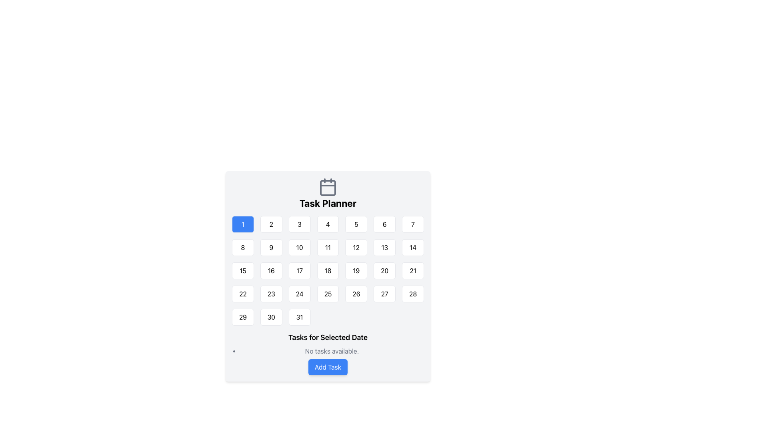  What do you see at coordinates (356, 270) in the screenshot?
I see `the calendar date button located in the third row and fifth column` at bounding box center [356, 270].